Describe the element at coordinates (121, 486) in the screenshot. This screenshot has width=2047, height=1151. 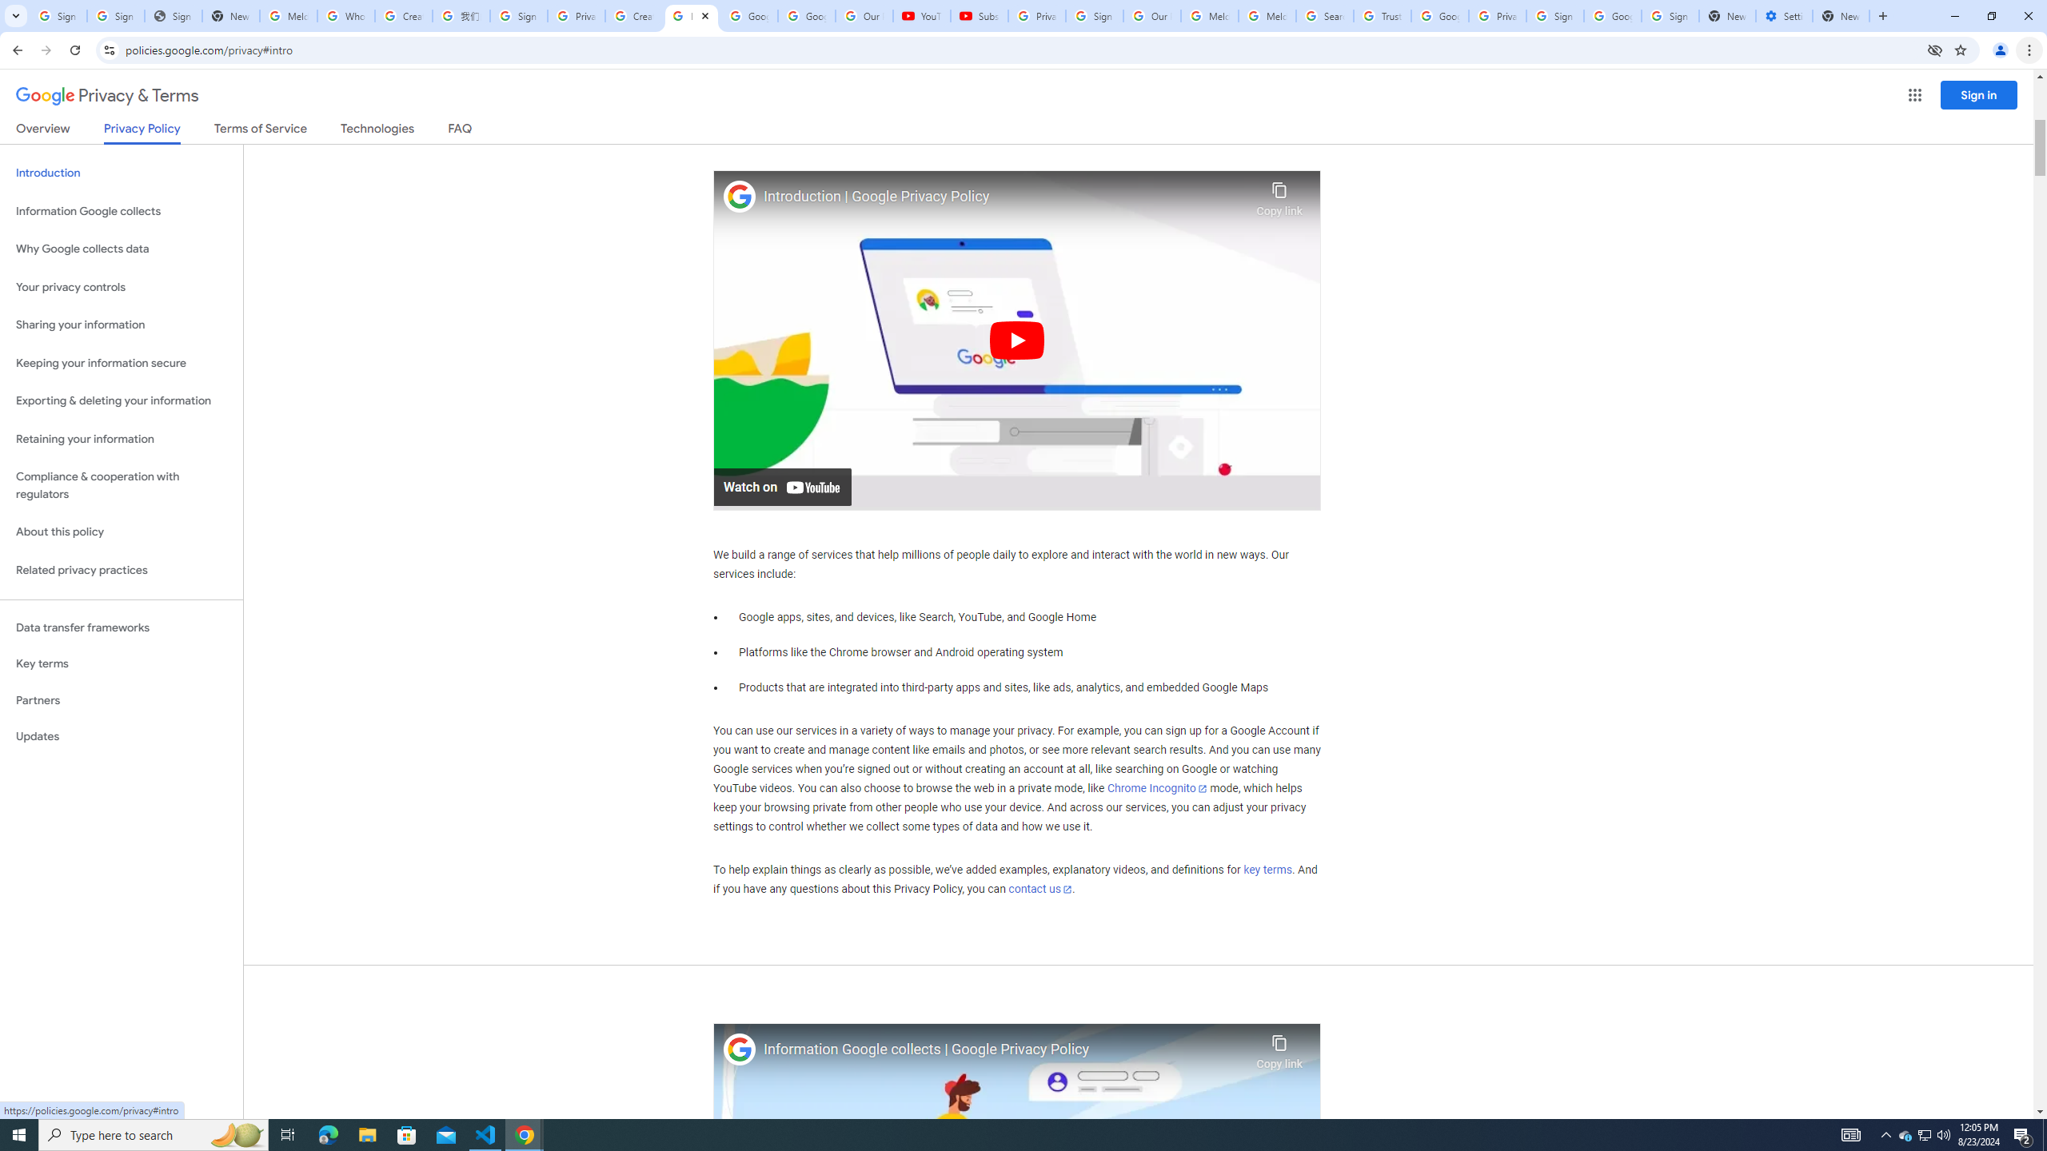
I see `'Compliance & cooperation with regulators'` at that location.